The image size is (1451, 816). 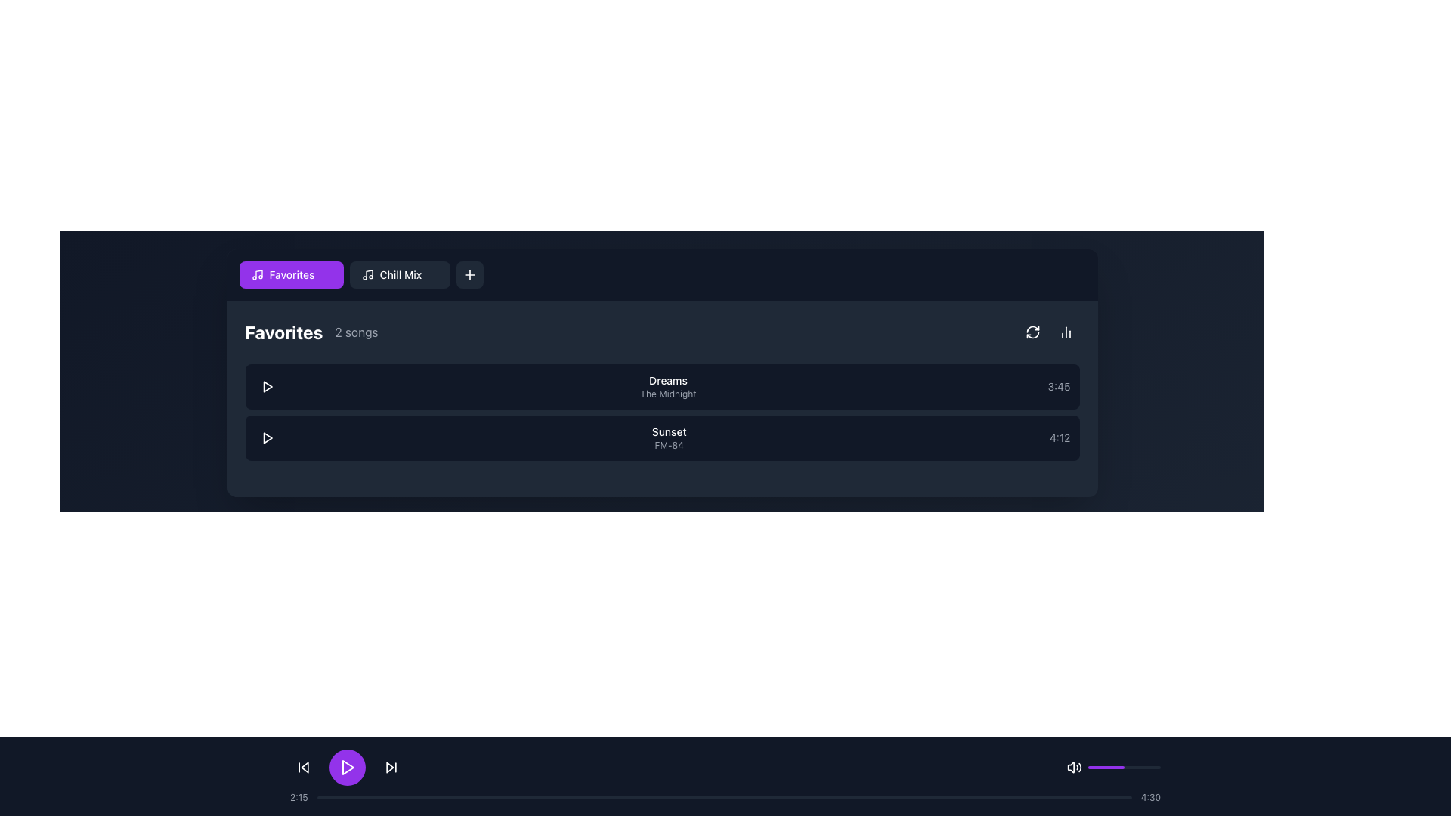 I want to click on the play button located on the leftmost part of the second item row, so click(x=267, y=437).